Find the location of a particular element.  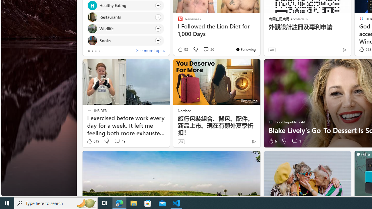

'tab-4' is located at coordinates (103, 51).